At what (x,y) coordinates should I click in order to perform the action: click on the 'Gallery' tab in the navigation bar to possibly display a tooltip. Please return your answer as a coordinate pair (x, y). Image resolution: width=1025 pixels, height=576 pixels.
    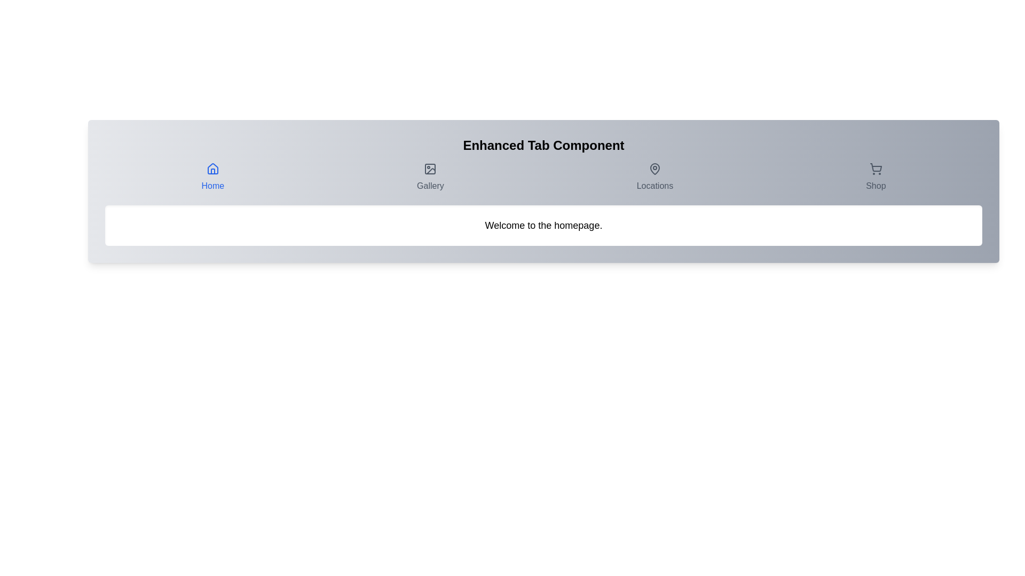
    Looking at the image, I should click on (430, 177).